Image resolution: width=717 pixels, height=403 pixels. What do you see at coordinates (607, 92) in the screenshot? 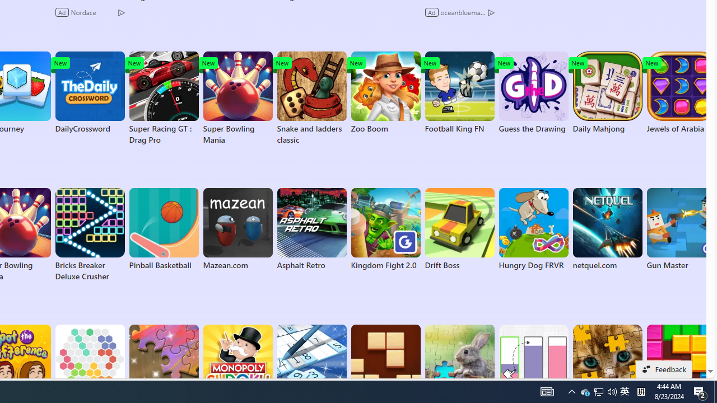
I see `'Daily Mahjong'` at bounding box center [607, 92].